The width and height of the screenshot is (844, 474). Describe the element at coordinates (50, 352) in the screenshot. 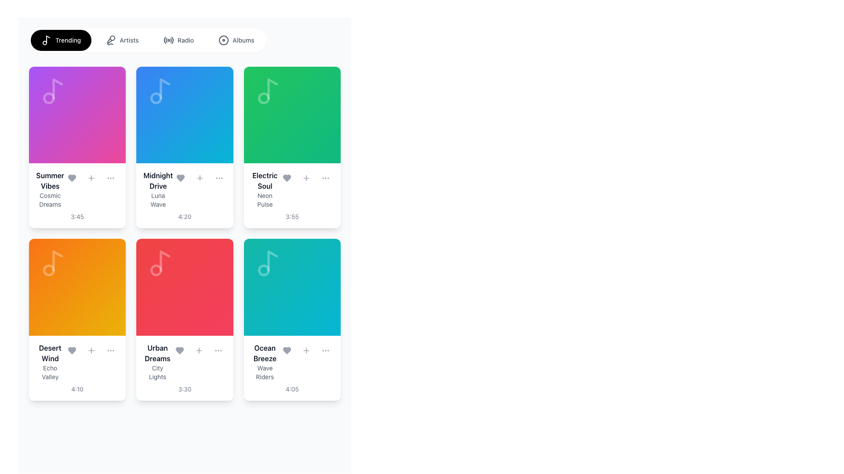

I see `the static text label displaying 'Desert Wind', which is styled in bold dark gray and serves as the primary title above 'Echo Valley'` at that location.